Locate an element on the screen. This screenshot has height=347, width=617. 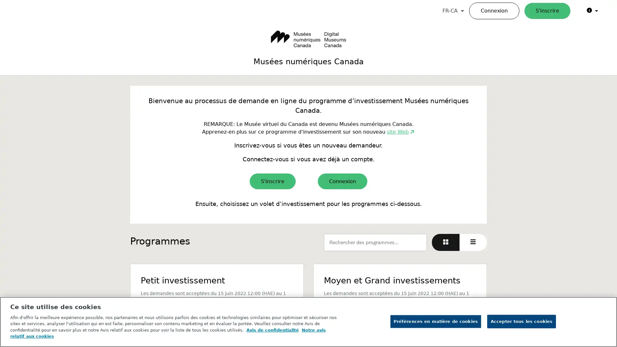
Accepter tous les cookies is located at coordinates (521, 321).